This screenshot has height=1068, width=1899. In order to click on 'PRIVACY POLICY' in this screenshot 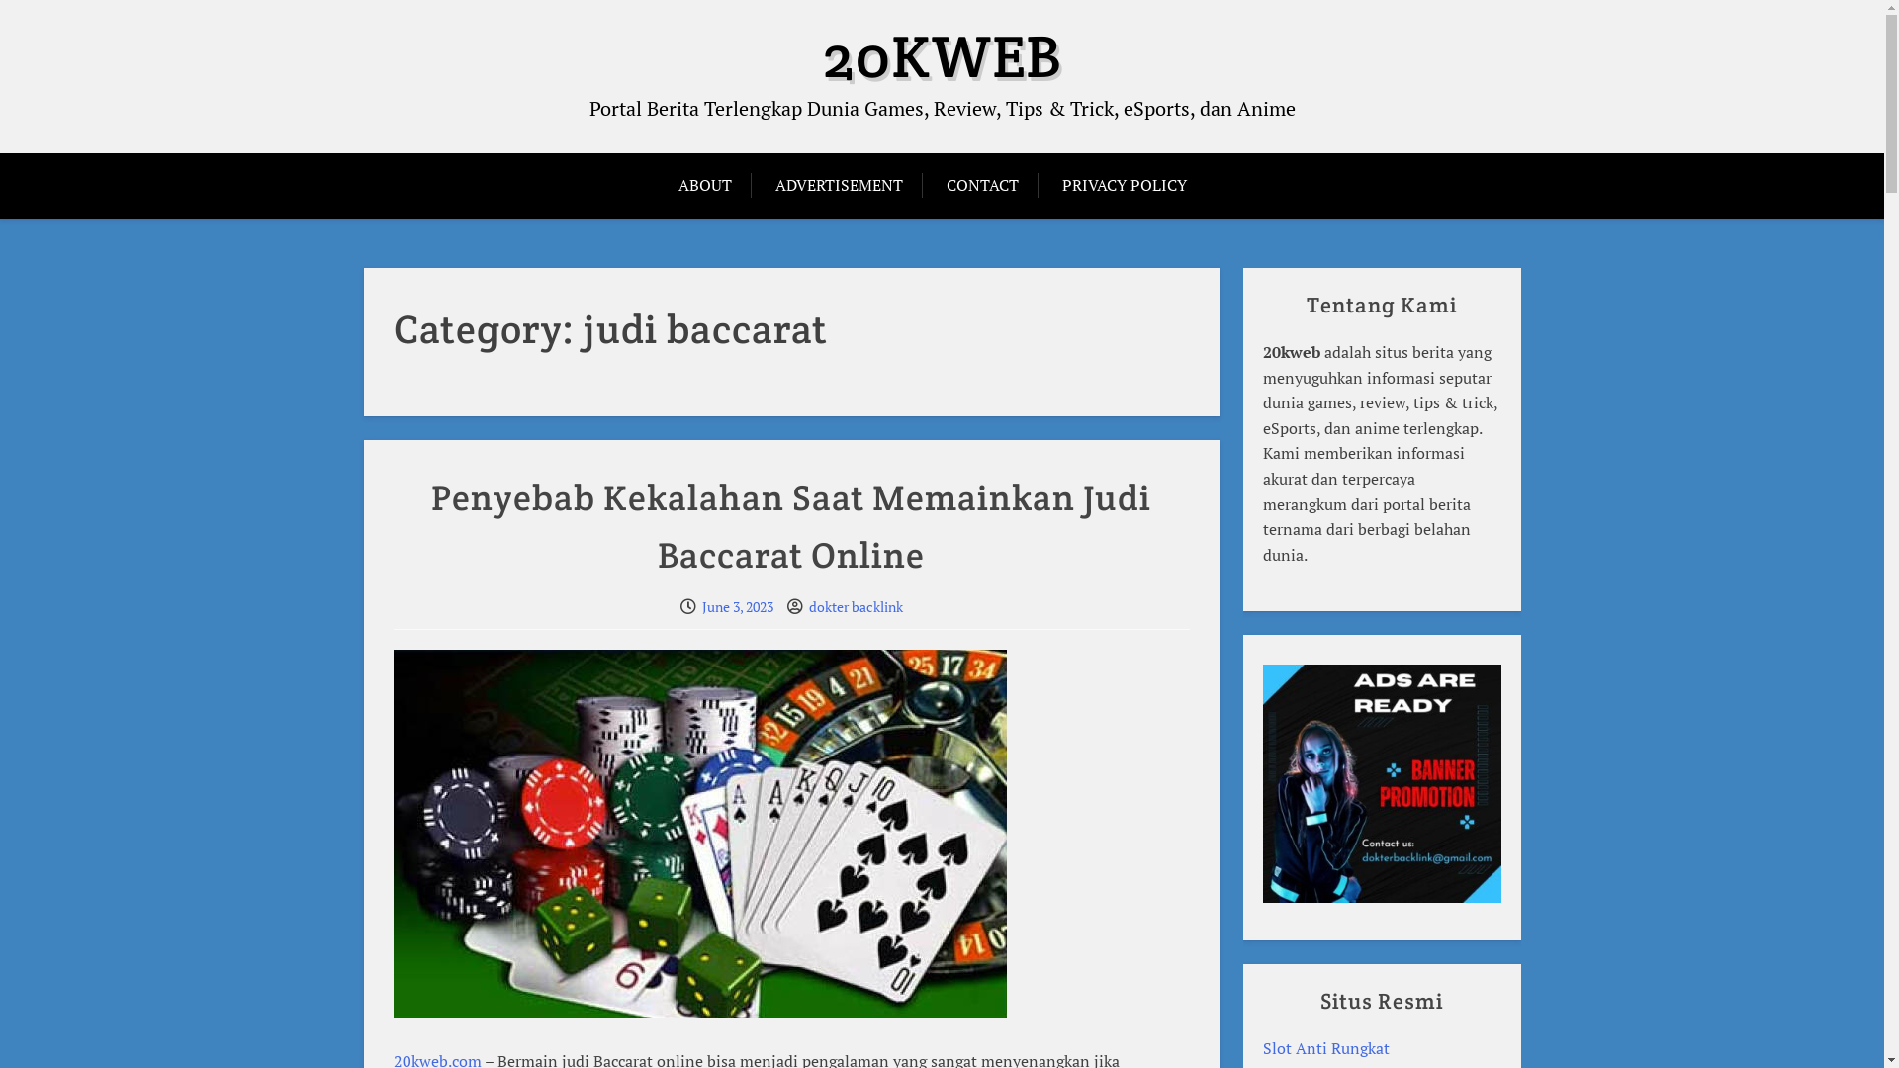, I will do `click(1041, 186)`.